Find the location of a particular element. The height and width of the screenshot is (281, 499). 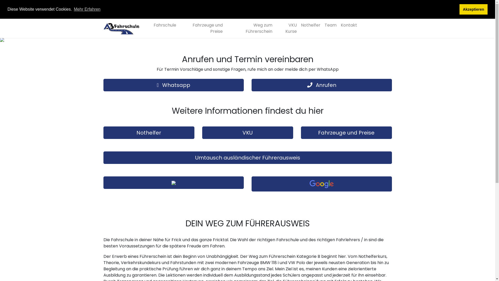

'Fahrzeuge und Preise' is located at coordinates (201, 28).